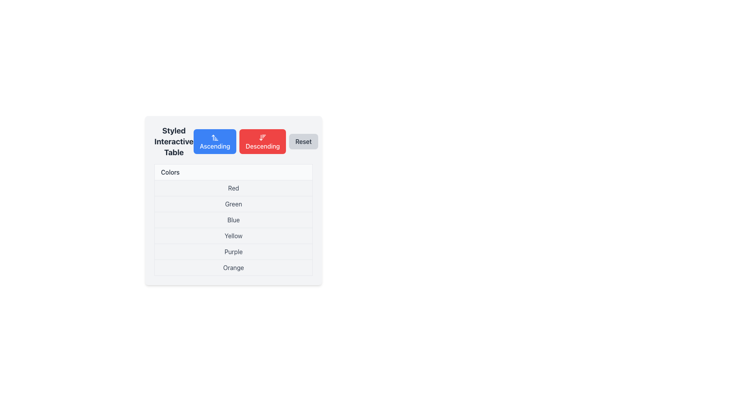 This screenshot has width=745, height=419. What do you see at coordinates (215, 142) in the screenshot?
I see `the 'Ascending' button, which is a blue button with white text and an upward arrow icon, located at the top-center part of the interface` at bounding box center [215, 142].